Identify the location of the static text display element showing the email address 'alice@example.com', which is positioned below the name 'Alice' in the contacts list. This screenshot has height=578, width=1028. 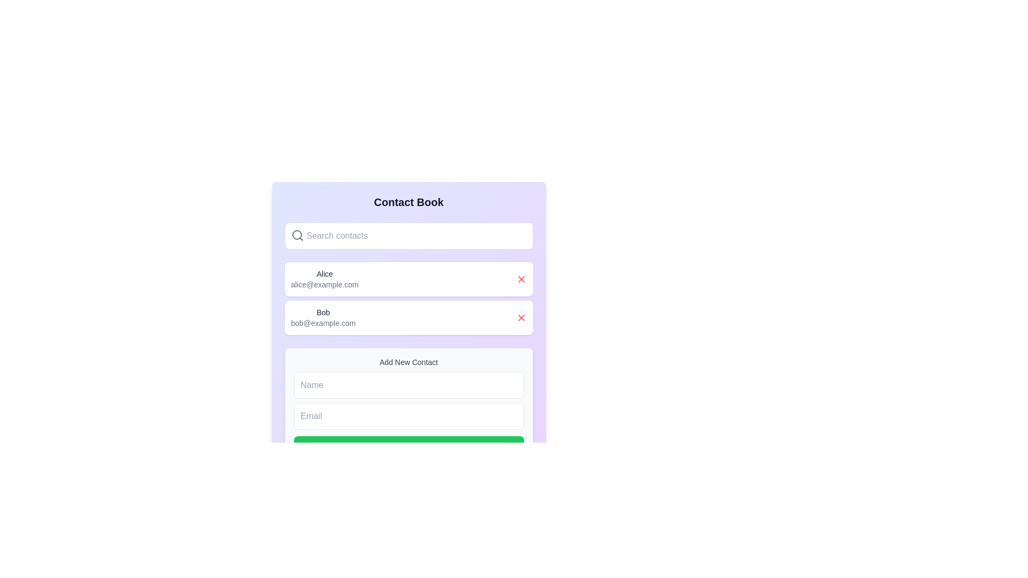
(324, 284).